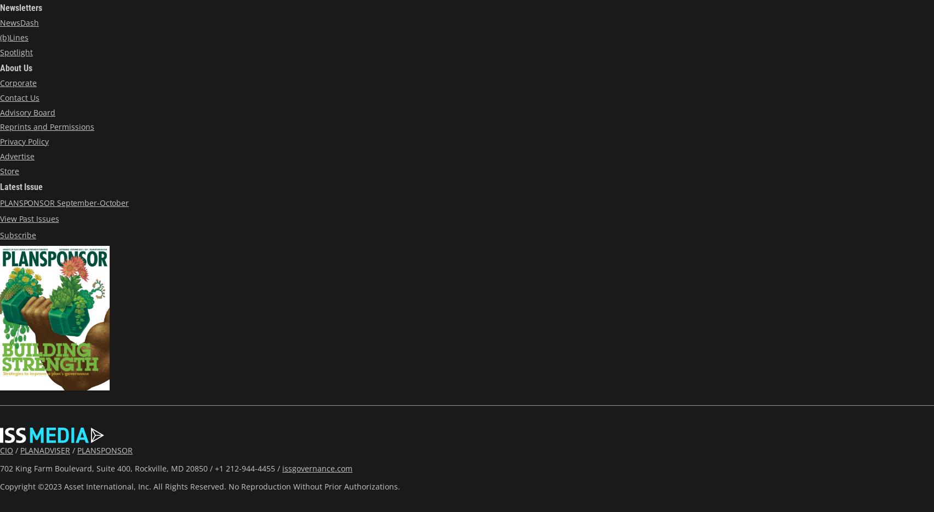 This screenshot has width=934, height=512. I want to click on 'Contact Us', so click(19, 96).